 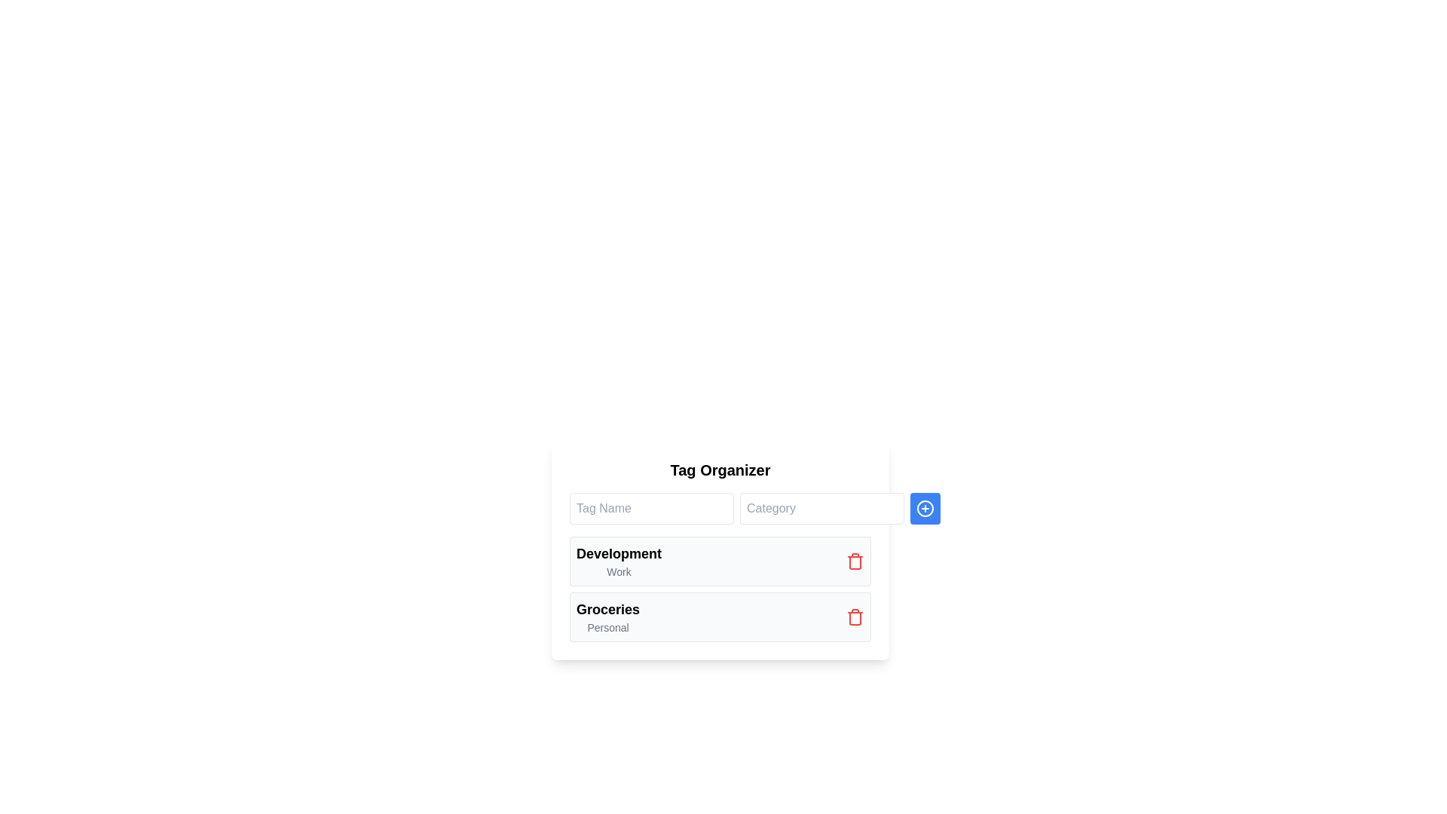 What do you see at coordinates (855, 561) in the screenshot?
I see `the delete button located on the right-hand side of the 'Development | Work' section` at bounding box center [855, 561].